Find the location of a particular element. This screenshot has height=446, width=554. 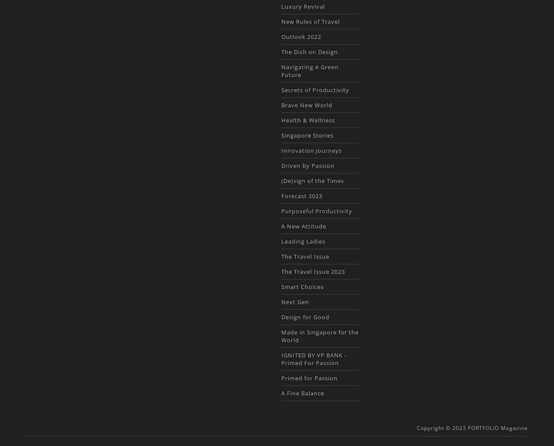

'Next Gen' is located at coordinates (294, 302).